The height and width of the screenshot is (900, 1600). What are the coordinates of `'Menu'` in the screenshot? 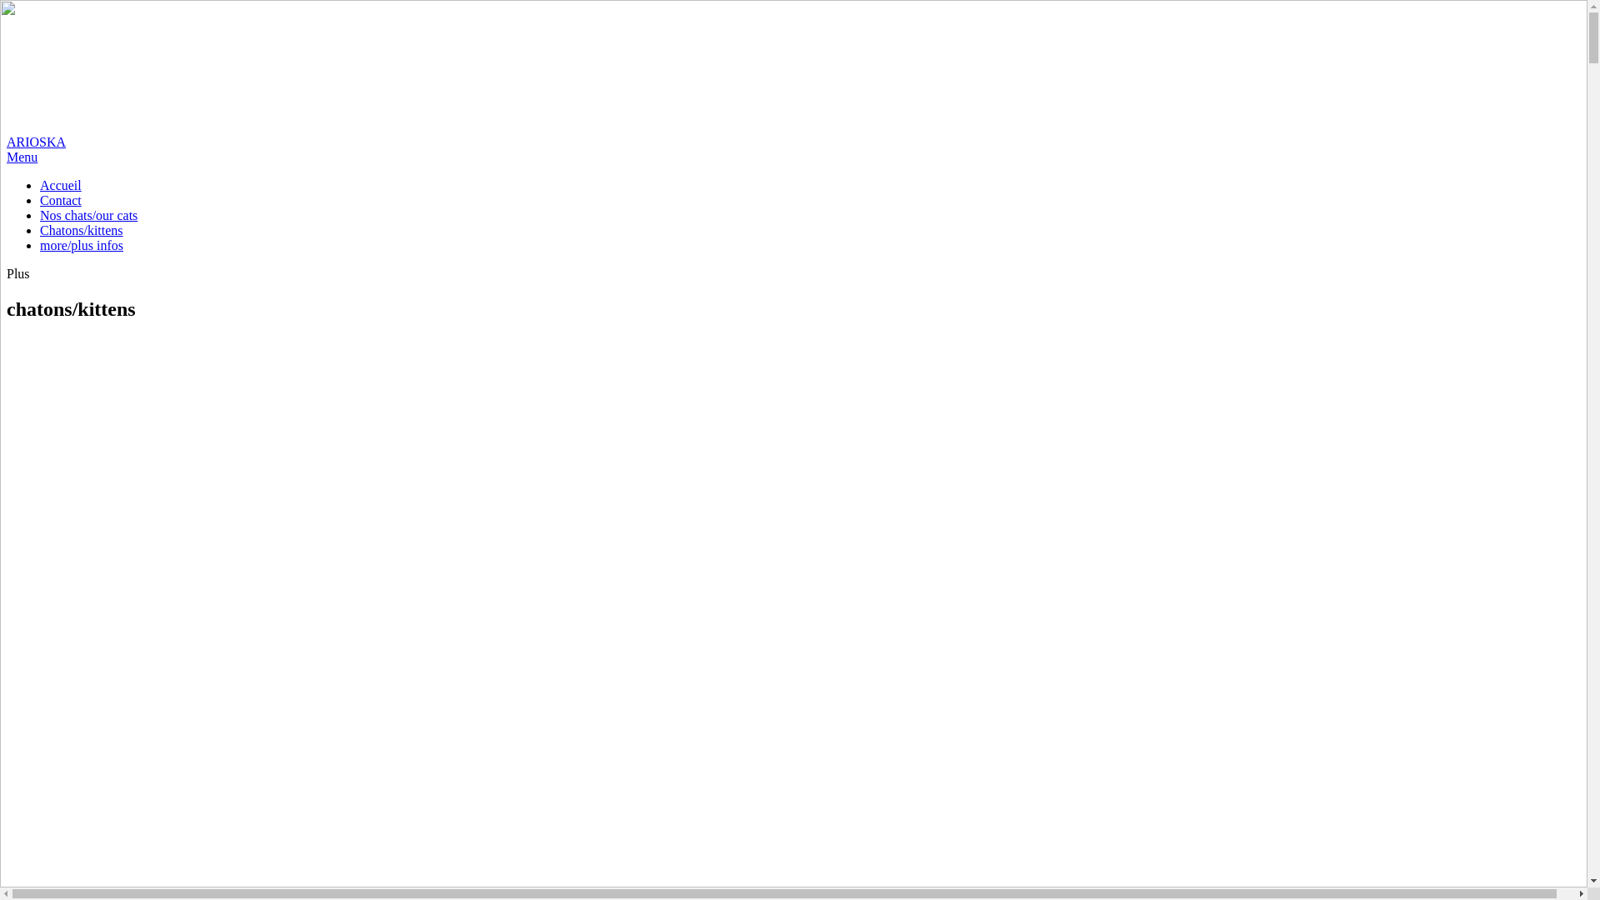 It's located at (7, 157).